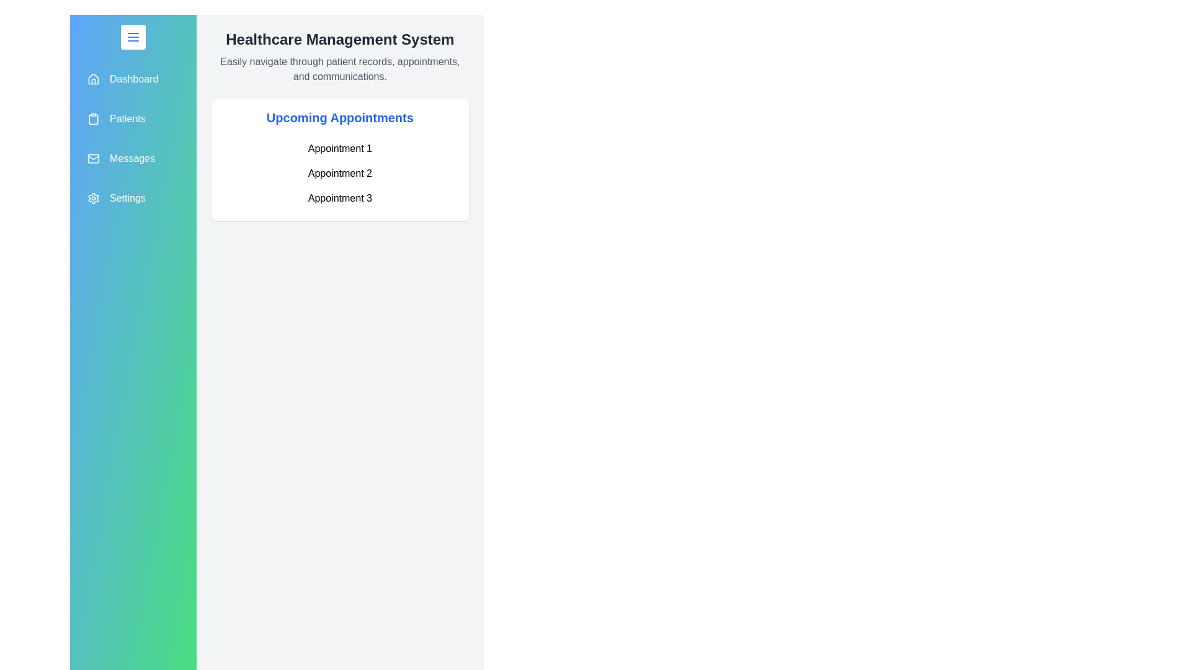  Describe the element at coordinates (133, 37) in the screenshot. I see `the toggle button to change the drawer state` at that location.